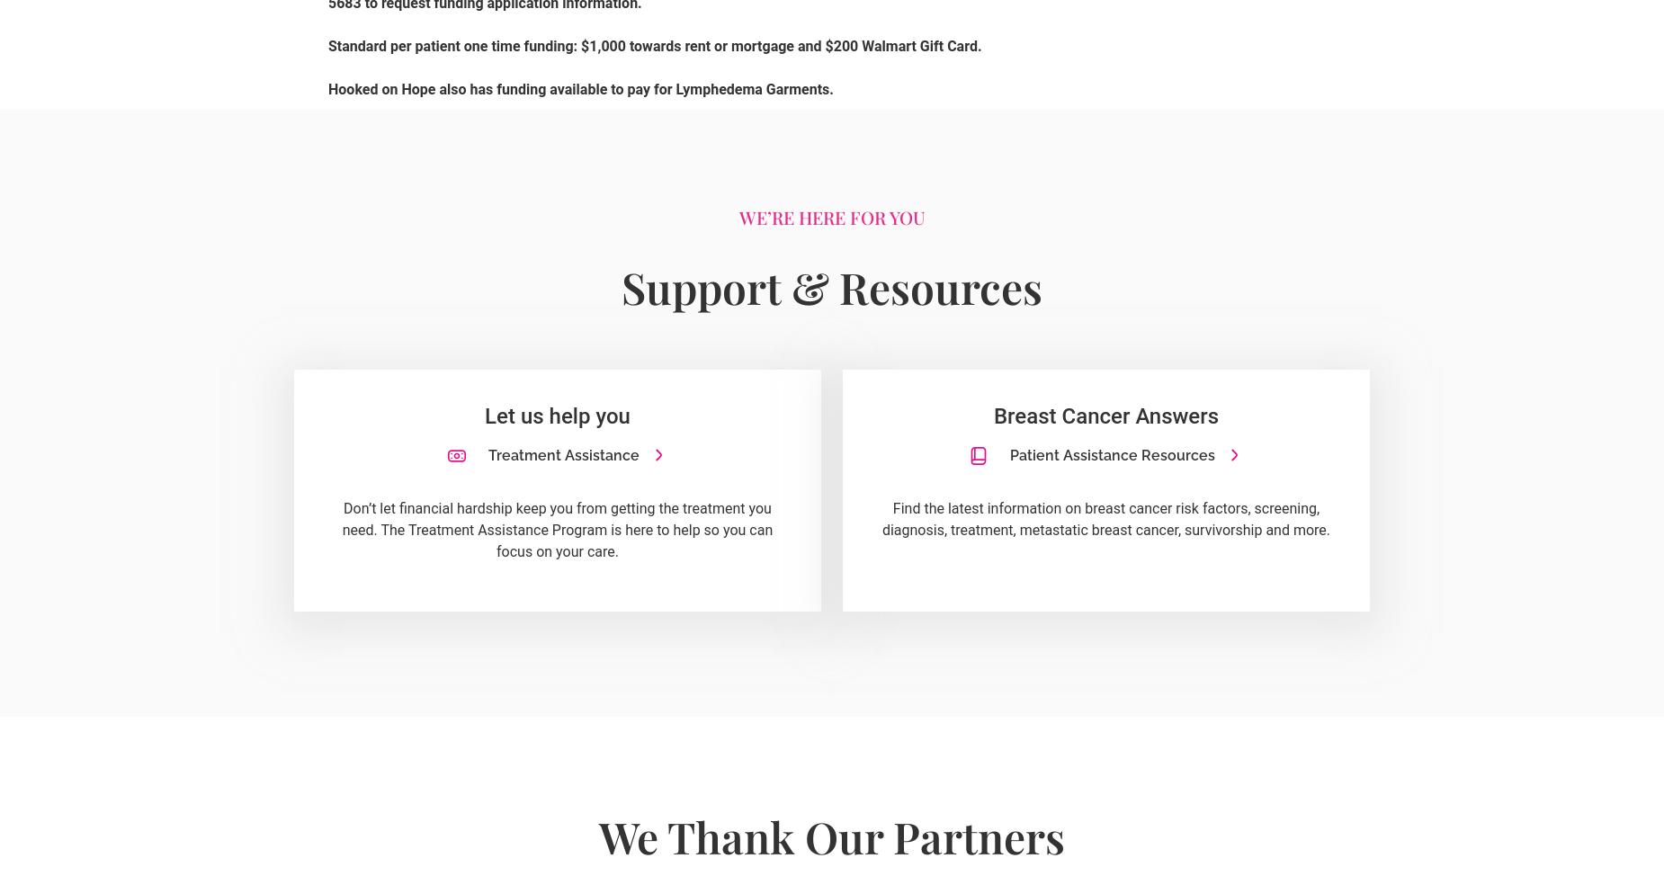 The width and height of the screenshot is (1664, 876). I want to click on 'Let us help you', so click(557, 414).